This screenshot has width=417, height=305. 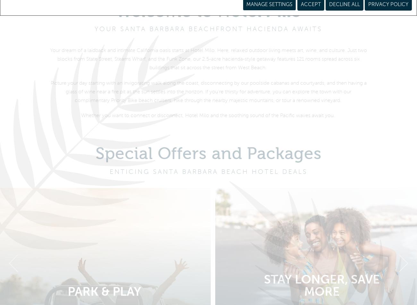 What do you see at coordinates (388, 4) in the screenshot?
I see `'Privacy Policy'` at bounding box center [388, 4].